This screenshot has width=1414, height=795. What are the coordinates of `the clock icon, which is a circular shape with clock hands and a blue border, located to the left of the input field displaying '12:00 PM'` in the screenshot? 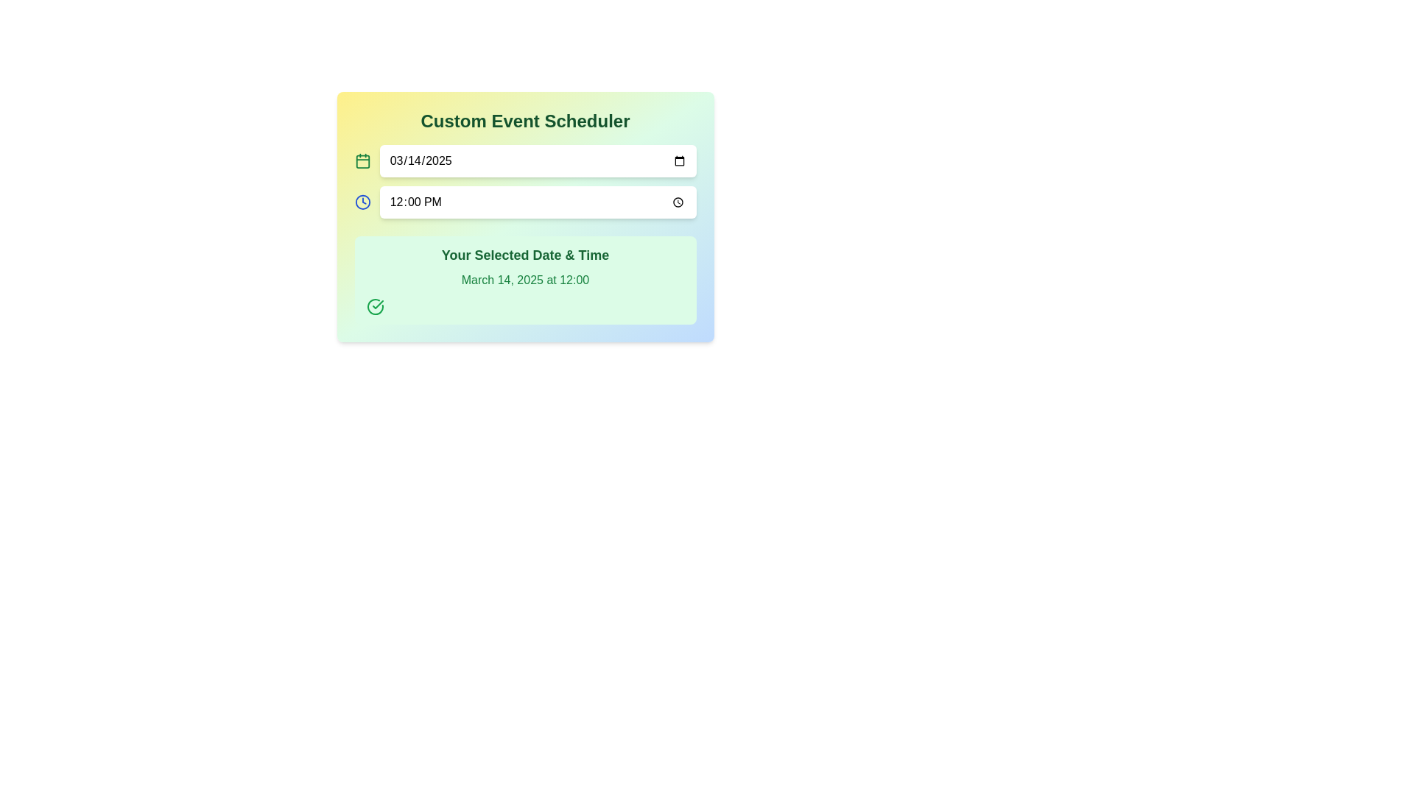 It's located at (362, 202).